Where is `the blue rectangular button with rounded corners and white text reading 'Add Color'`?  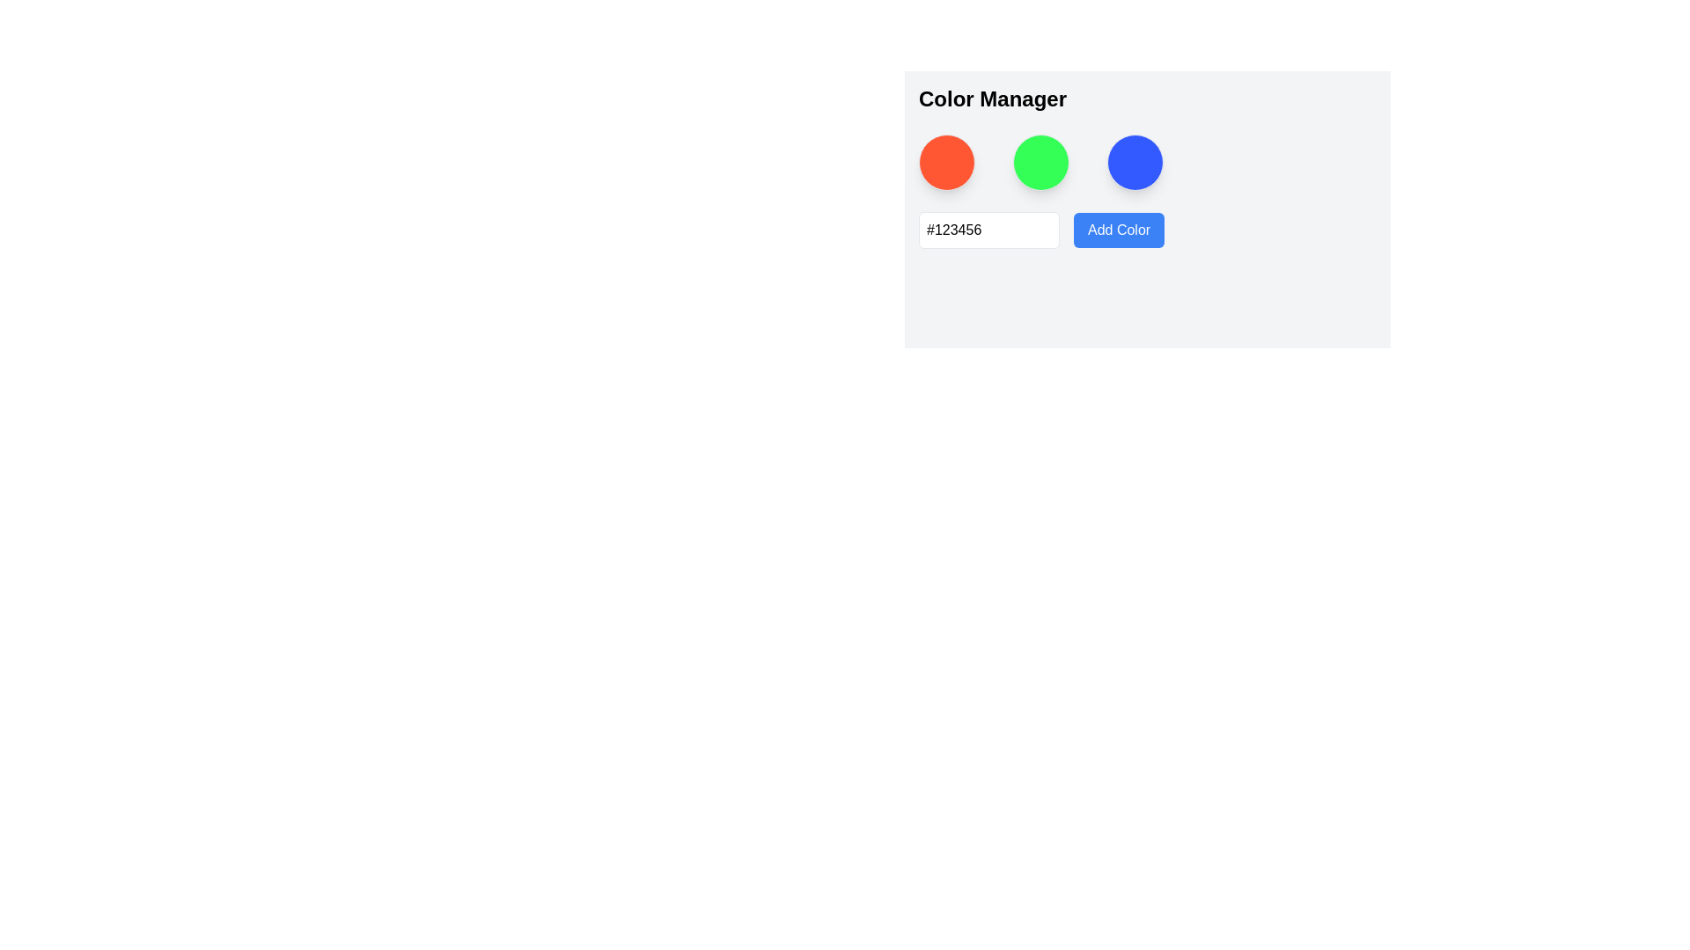
the blue rectangular button with rounded corners and white text reading 'Add Color' is located at coordinates (1118, 230).